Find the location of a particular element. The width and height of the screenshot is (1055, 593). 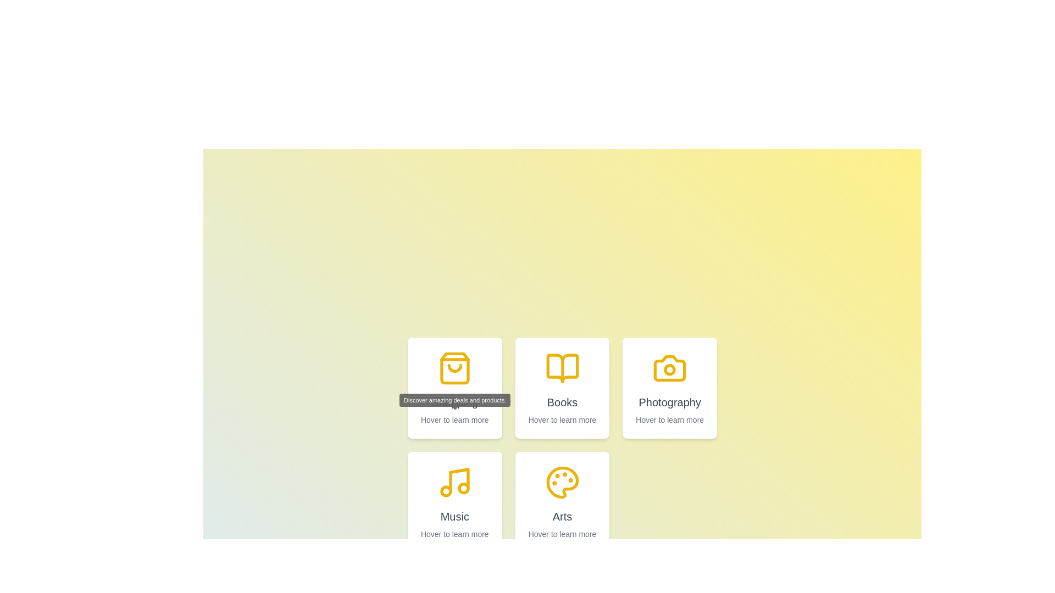

the second card in the first row, which features a white background, rounded corners, a yellow open book icon, and the text 'Books' is located at coordinates (562, 387).